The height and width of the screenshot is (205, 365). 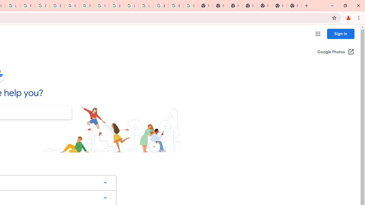 I want to click on 'Google Images', so click(x=190, y=6).